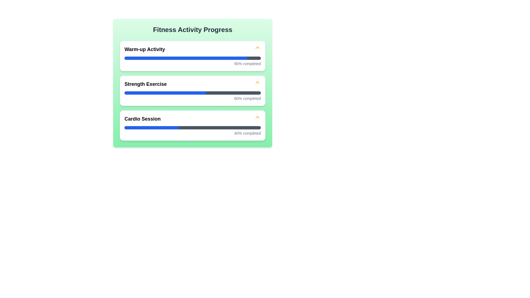 The height and width of the screenshot is (298, 530). I want to click on the yellow upwards chevron icon located to the right of the 'Cardio Session' text, so click(257, 118).